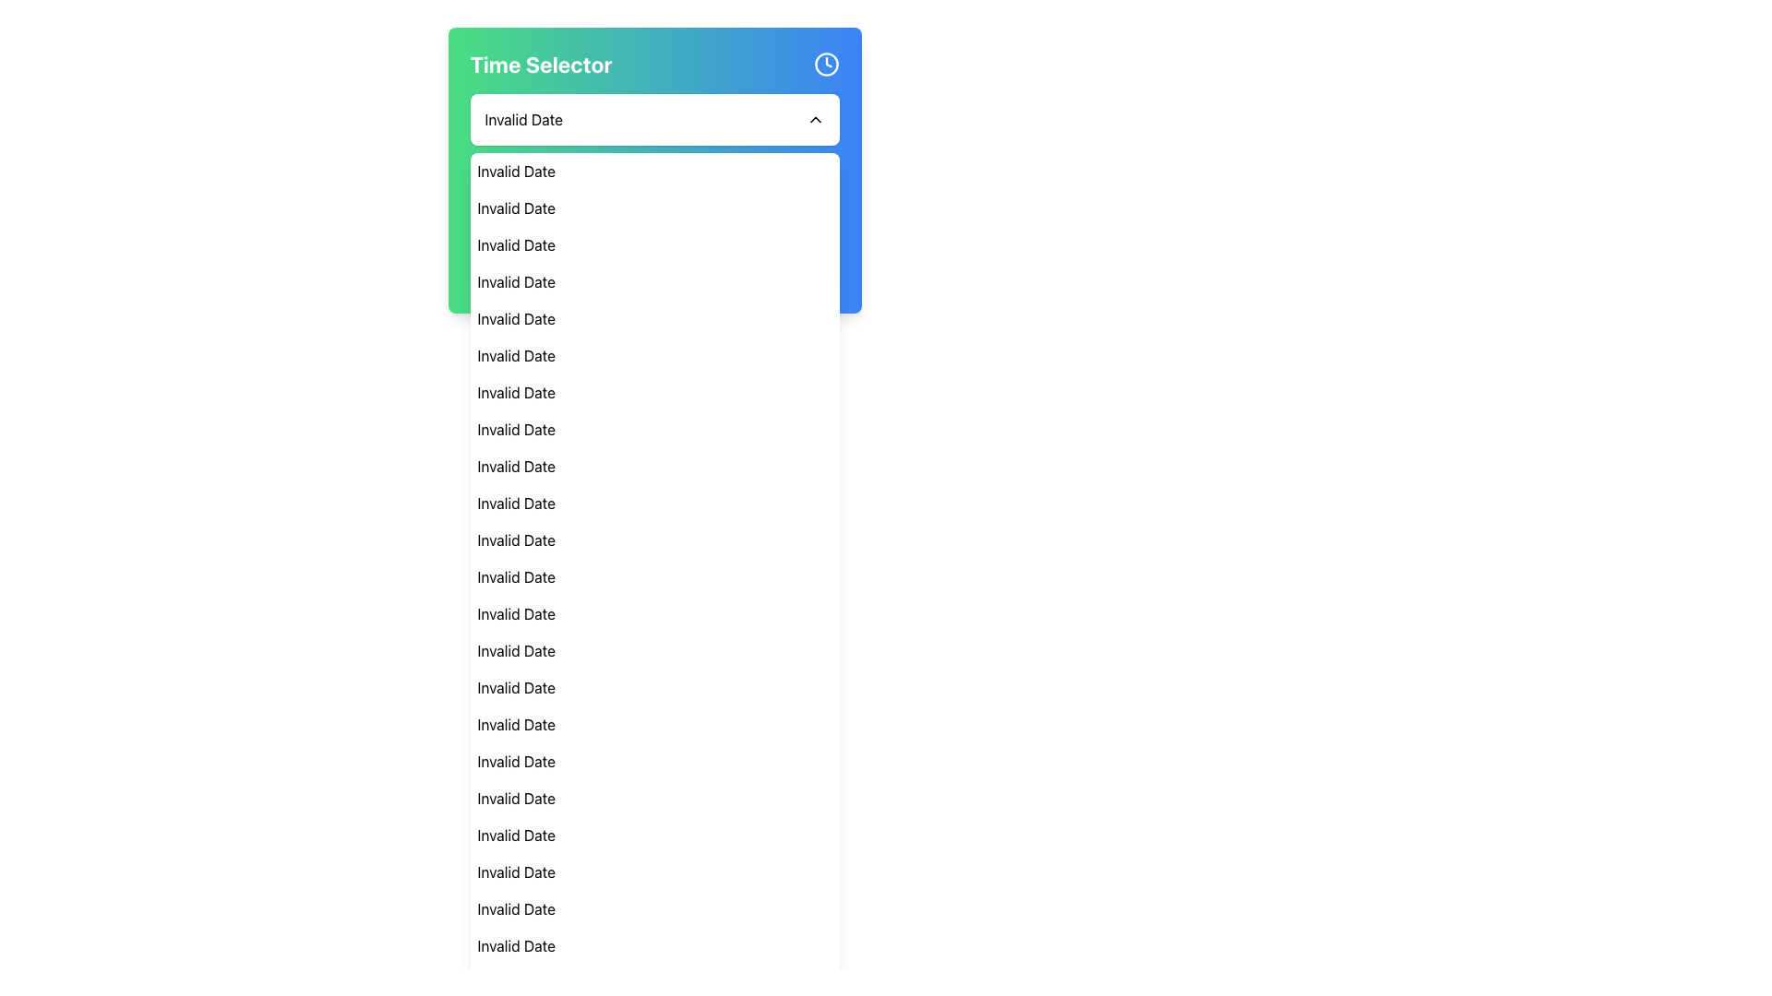  What do you see at coordinates (654, 614) in the screenshot?
I see `the selectable list item labeled 'Invalid Date' which is the 13th element in a dropdown panel` at bounding box center [654, 614].